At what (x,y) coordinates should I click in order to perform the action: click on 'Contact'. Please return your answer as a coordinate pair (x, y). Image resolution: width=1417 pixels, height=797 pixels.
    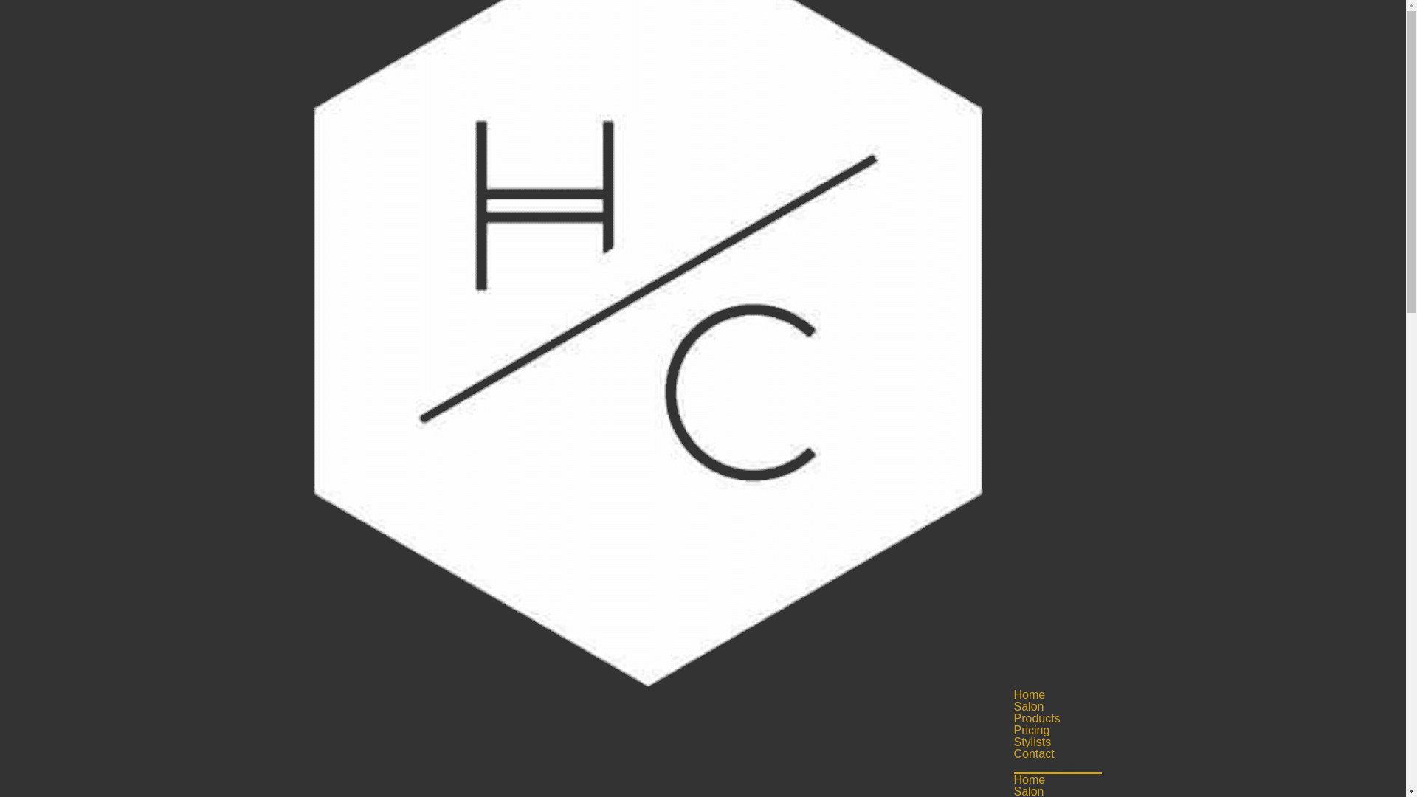
    Looking at the image, I should click on (1033, 754).